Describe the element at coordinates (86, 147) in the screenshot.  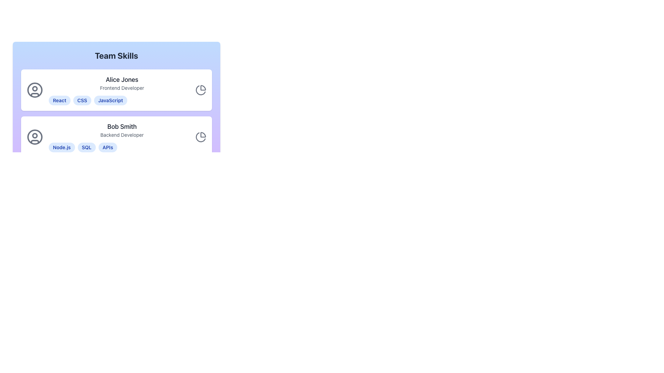
I see `the non-interactive badge displaying the skill 'SQL' for user 'Bob Smith', which is the second badge in the sequence of three badges at the bottom section of the card` at that location.